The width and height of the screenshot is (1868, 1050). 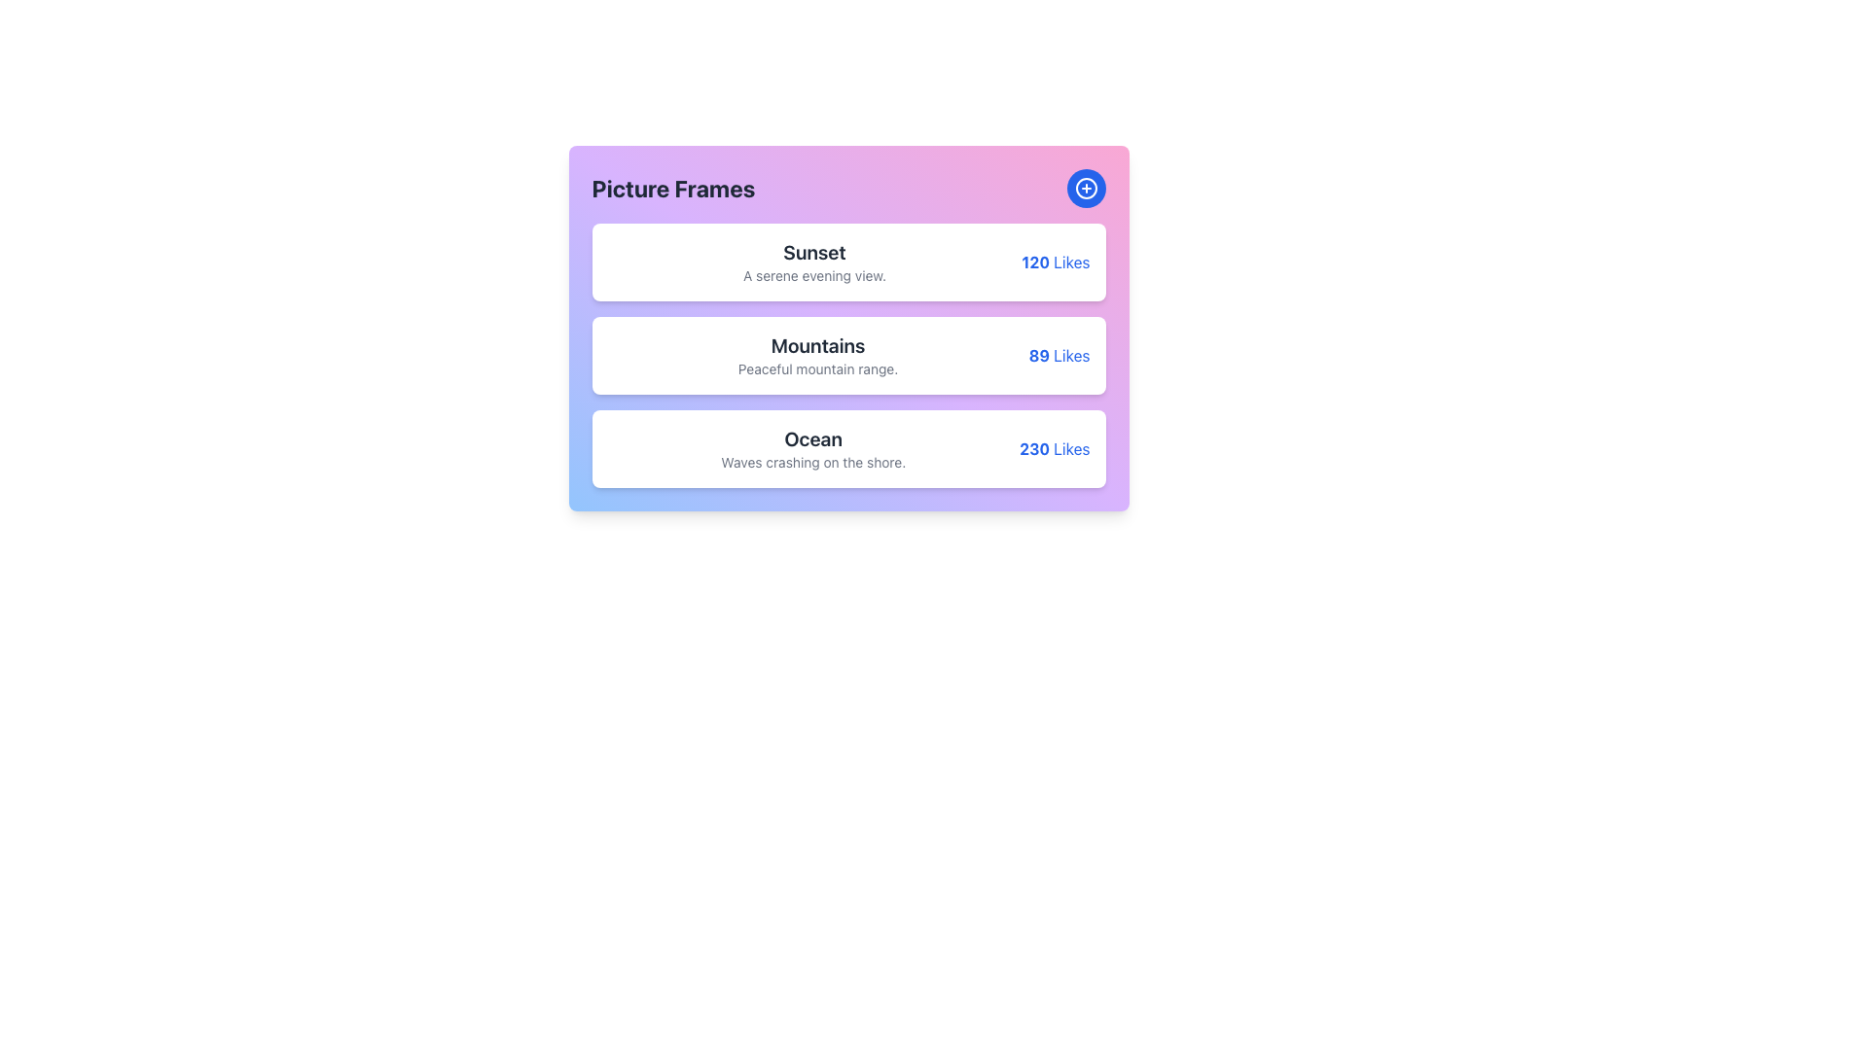 What do you see at coordinates (818, 369) in the screenshot?
I see `the informational text label located in the second content card, which provides a subtitle related to 'Mountains'` at bounding box center [818, 369].